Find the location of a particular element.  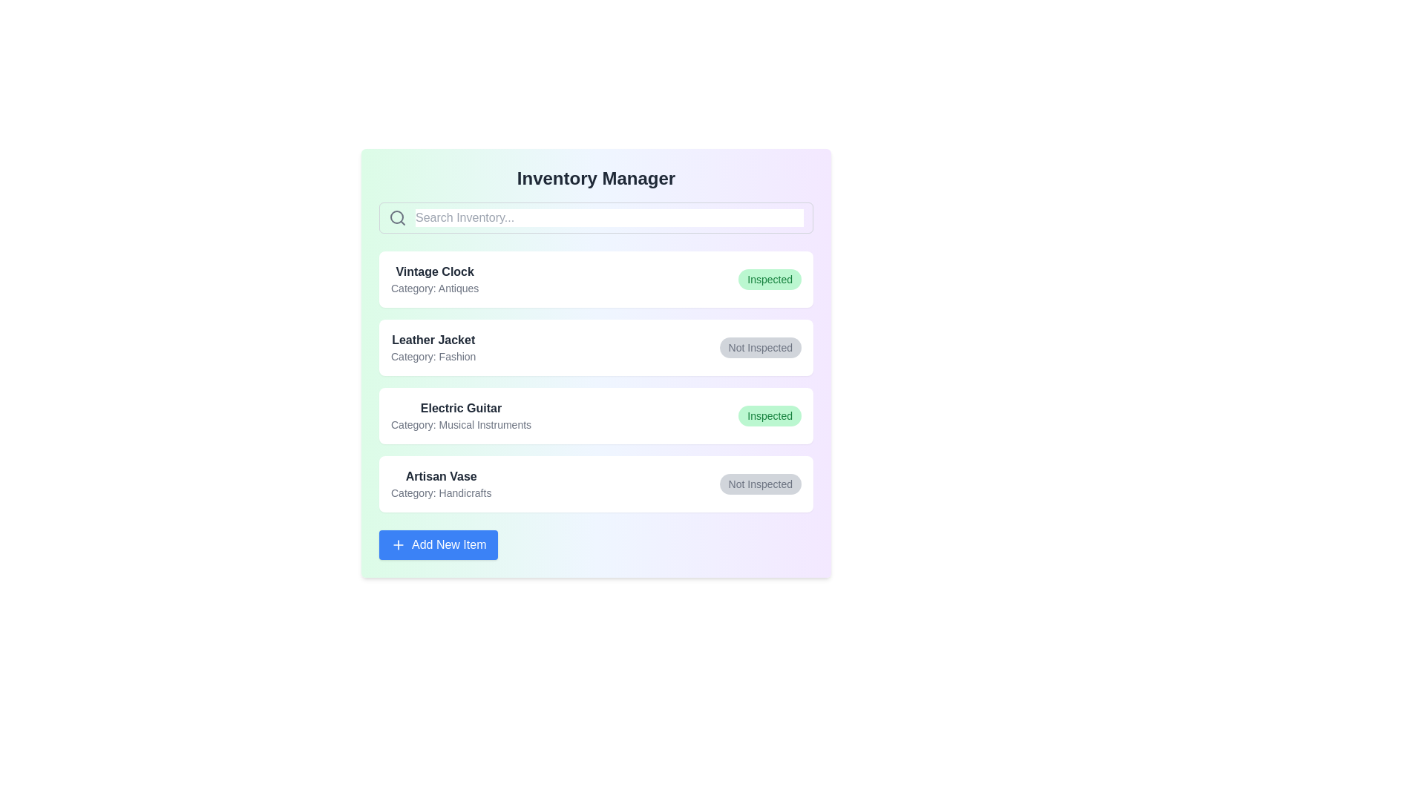

the item details for Electric Guitar is located at coordinates (596, 415).